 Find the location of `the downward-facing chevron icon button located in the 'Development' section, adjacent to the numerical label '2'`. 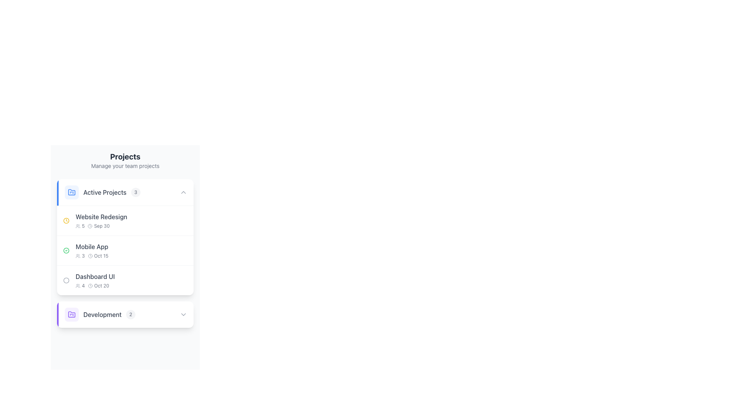

the downward-facing chevron icon button located in the 'Development' section, adjacent to the numerical label '2' is located at coordinates (183, 314).